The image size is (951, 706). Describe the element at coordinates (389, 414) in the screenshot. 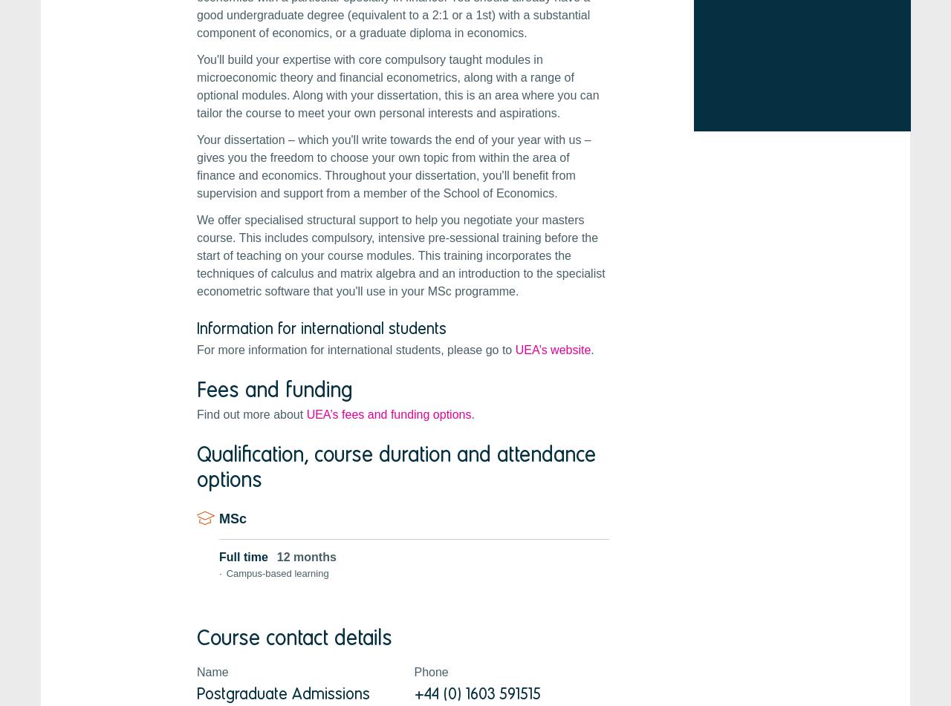

I see `'UEA’s fees and funding options'` at that location.